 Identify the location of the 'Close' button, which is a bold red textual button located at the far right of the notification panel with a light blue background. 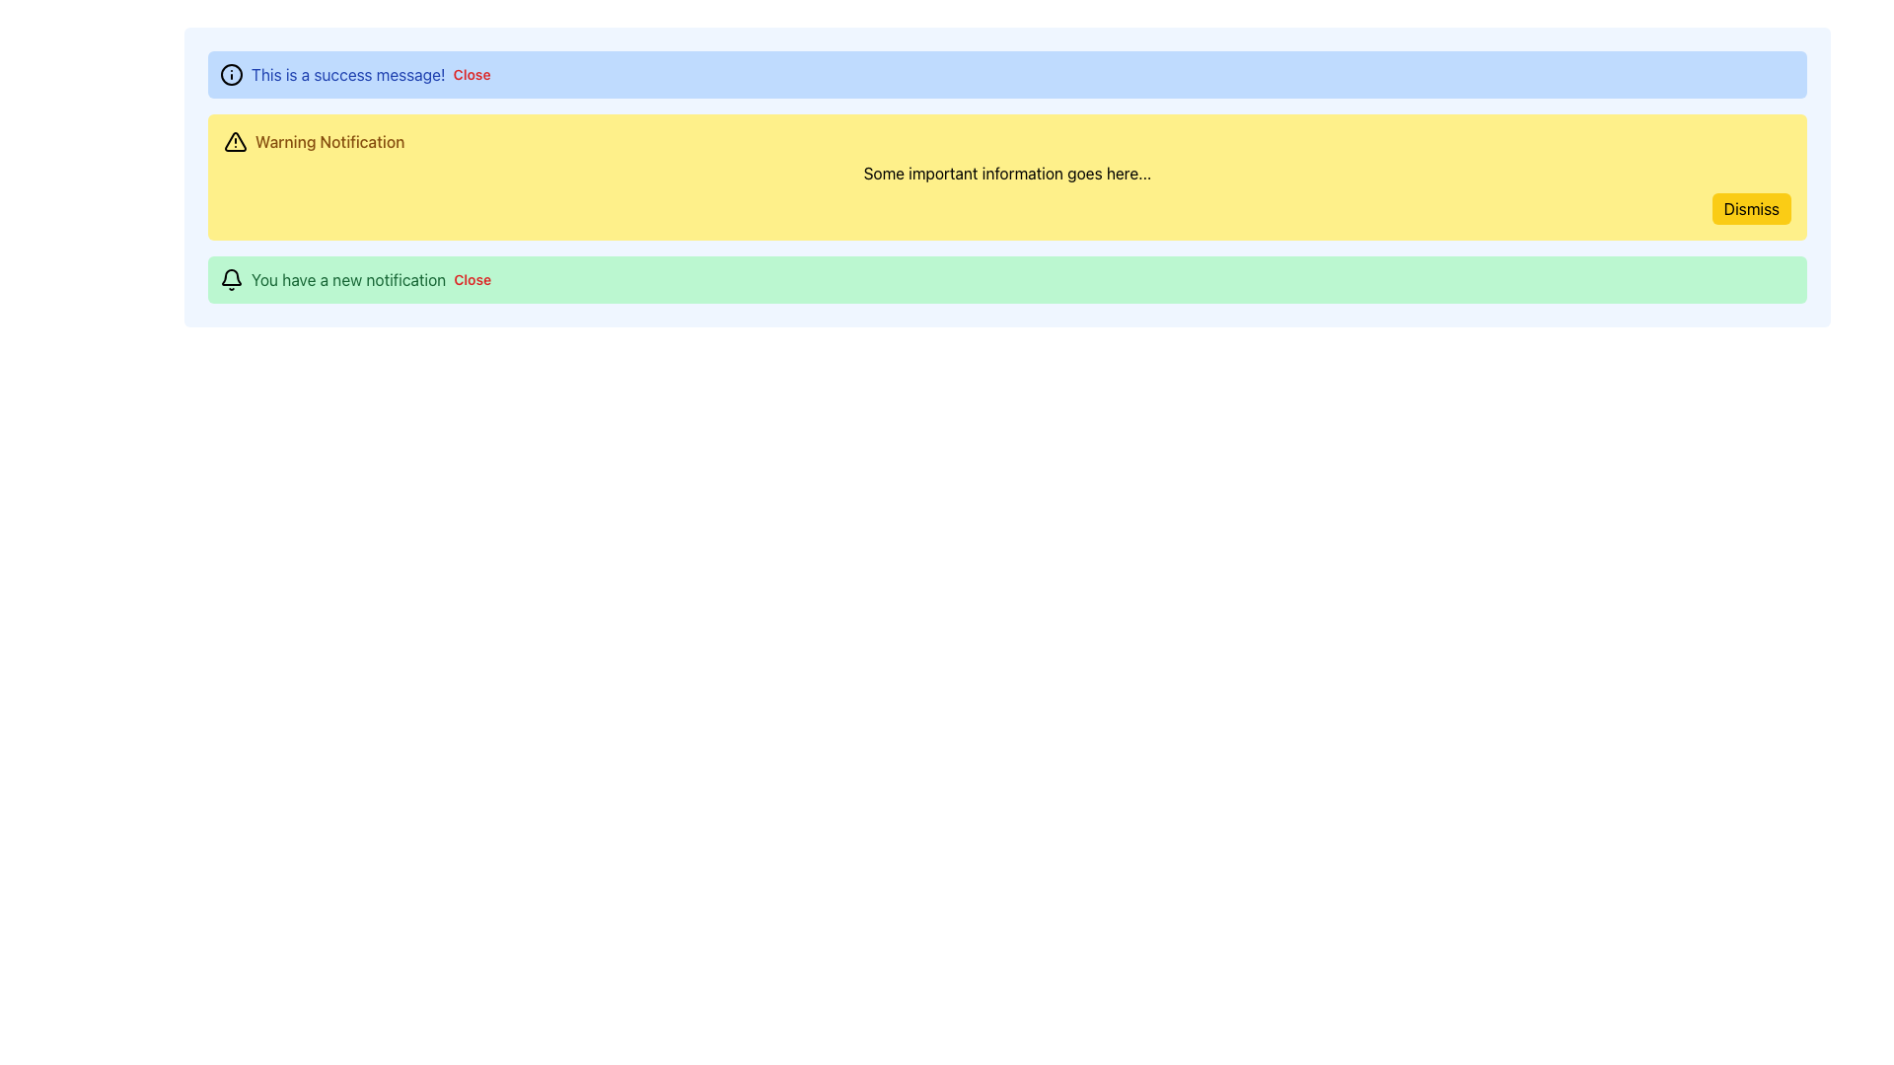
(471, 74).